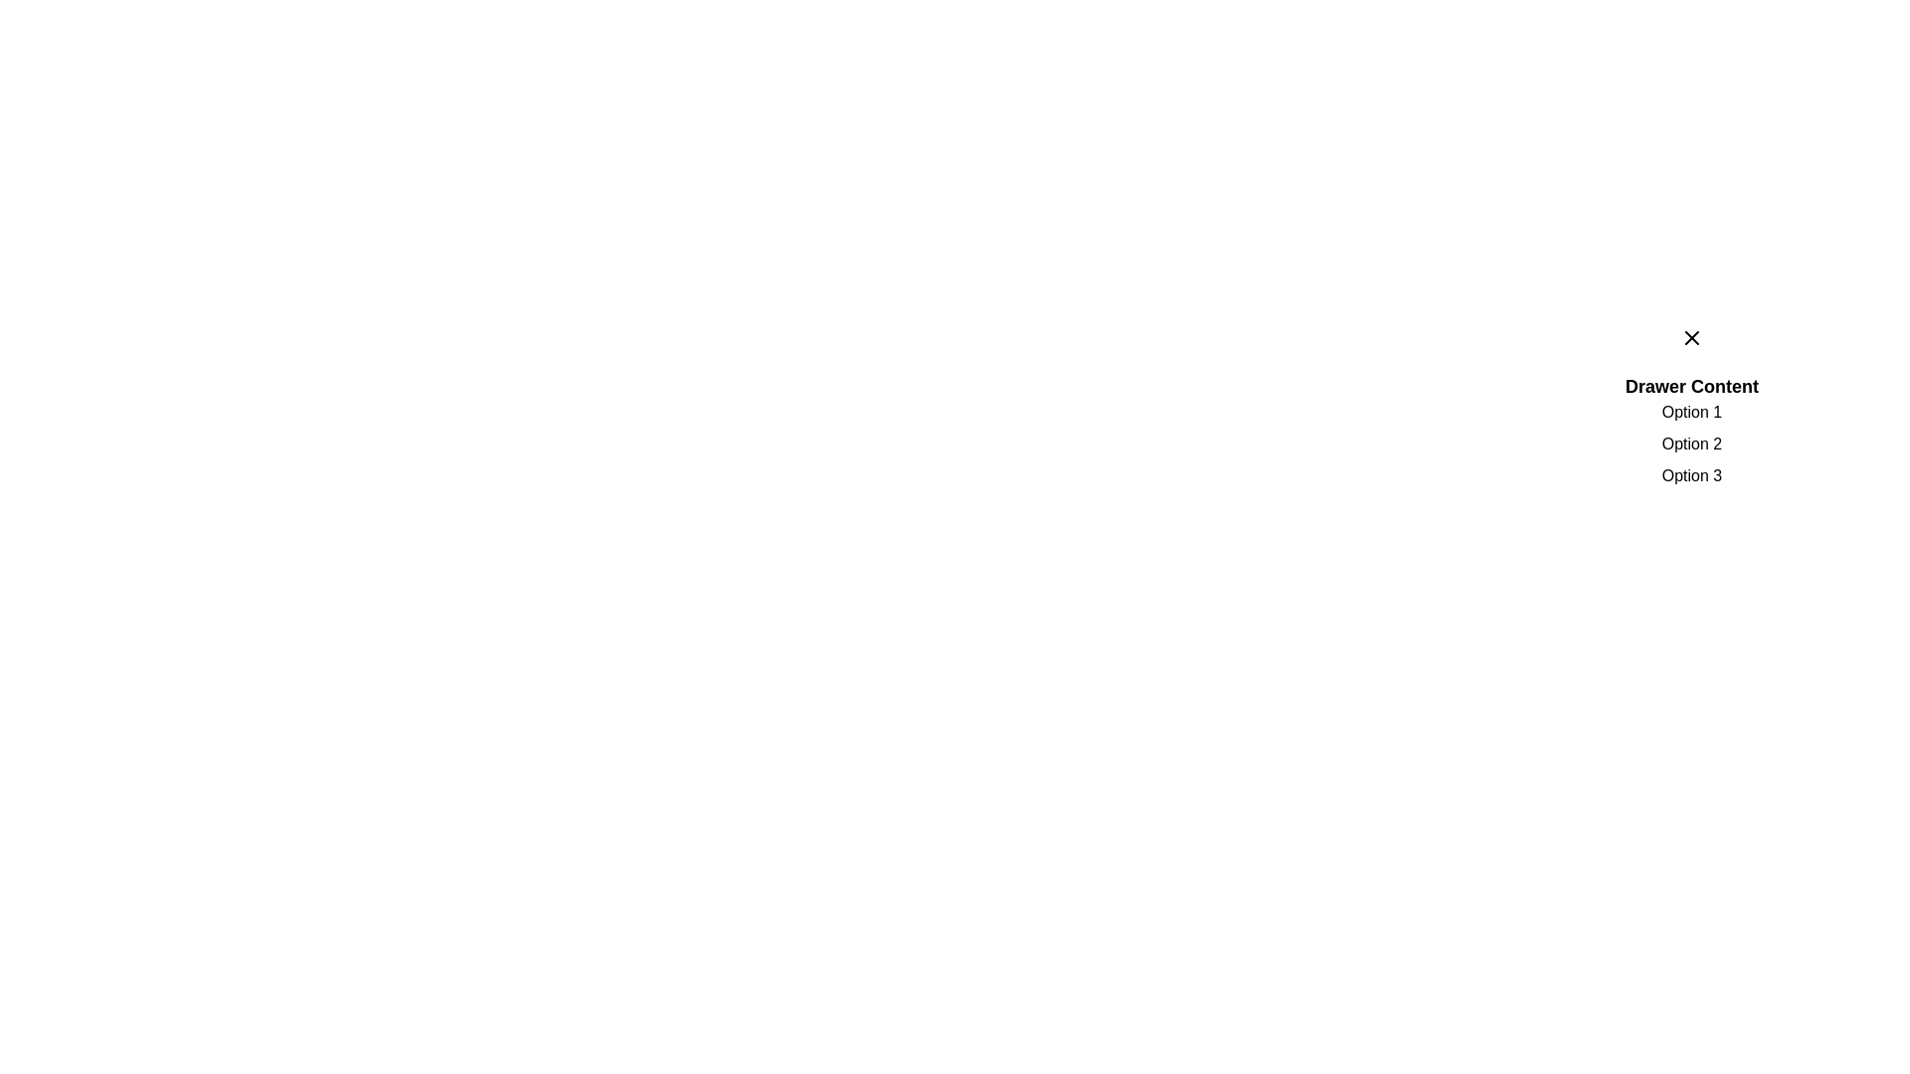  What do you see at coordinates (1690, 475) in the screenshot?
I see `the 'Option 3' text element, which is the third option in a vertical list of three options` at bounding box center [1690, 475].